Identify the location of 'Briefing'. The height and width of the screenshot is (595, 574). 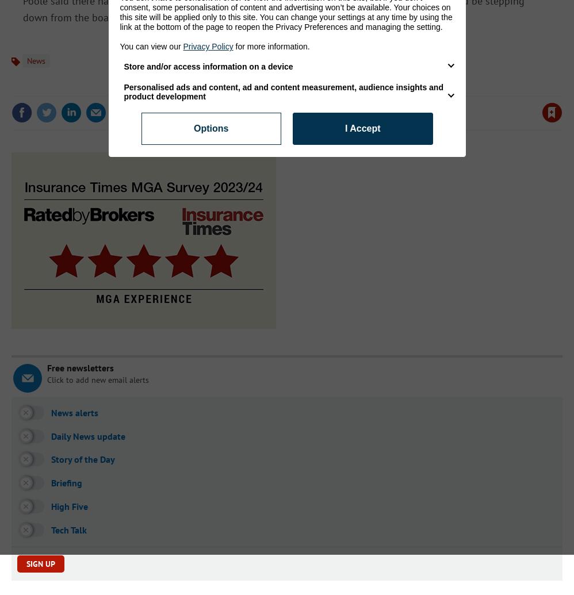
(66, 482).